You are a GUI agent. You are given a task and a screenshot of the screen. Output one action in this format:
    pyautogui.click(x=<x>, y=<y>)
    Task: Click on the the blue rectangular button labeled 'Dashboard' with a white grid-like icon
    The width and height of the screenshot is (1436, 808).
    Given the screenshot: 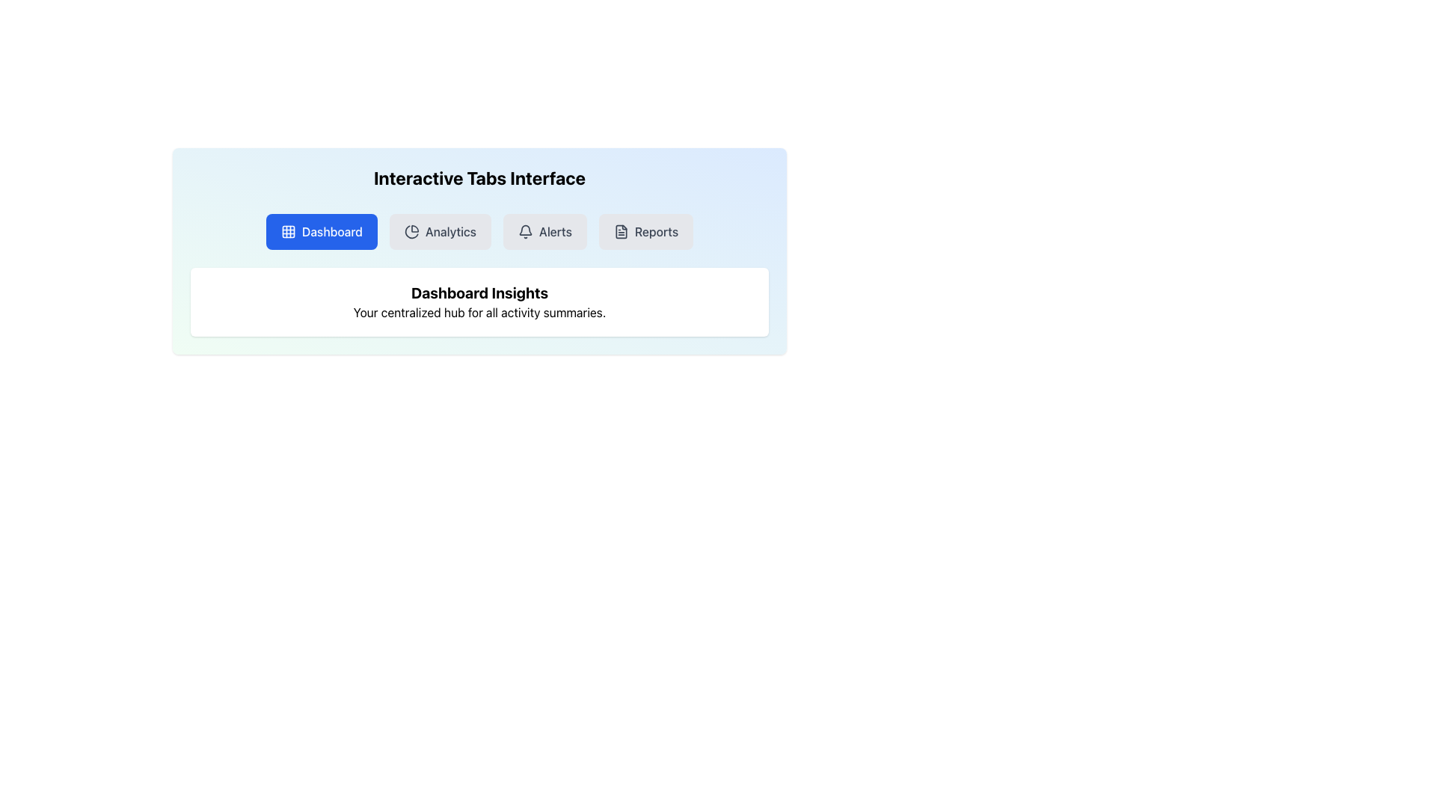 What is the action you would take?
    pyautogui.click(x=321, y=231)
    